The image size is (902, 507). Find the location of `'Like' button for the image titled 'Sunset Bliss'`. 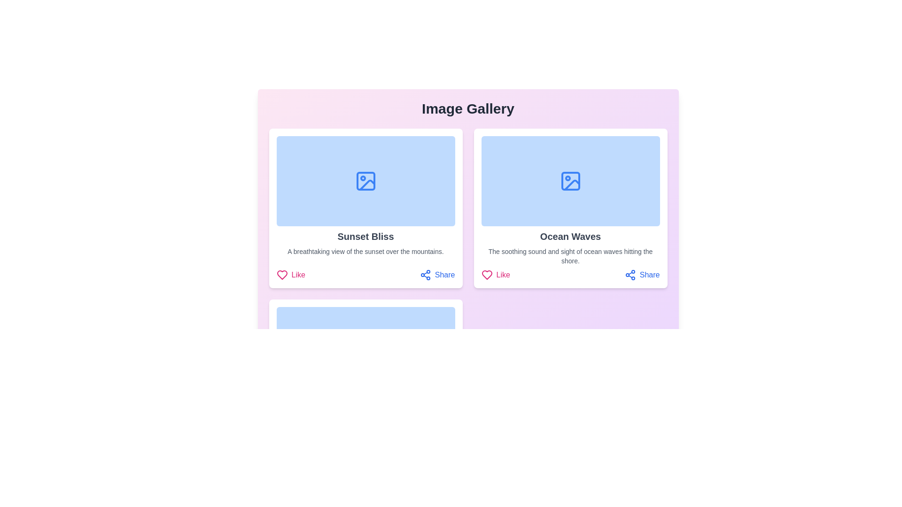

'Like' button for the image titled 'Sunset Bliss' is located at coordinates (290, 275).